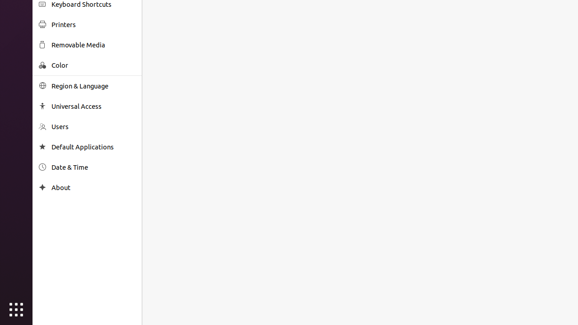  What do you see at coordinates (93, 106) in the screenshot?
I see `'Universal Access'` at bounding box center [93, 106].